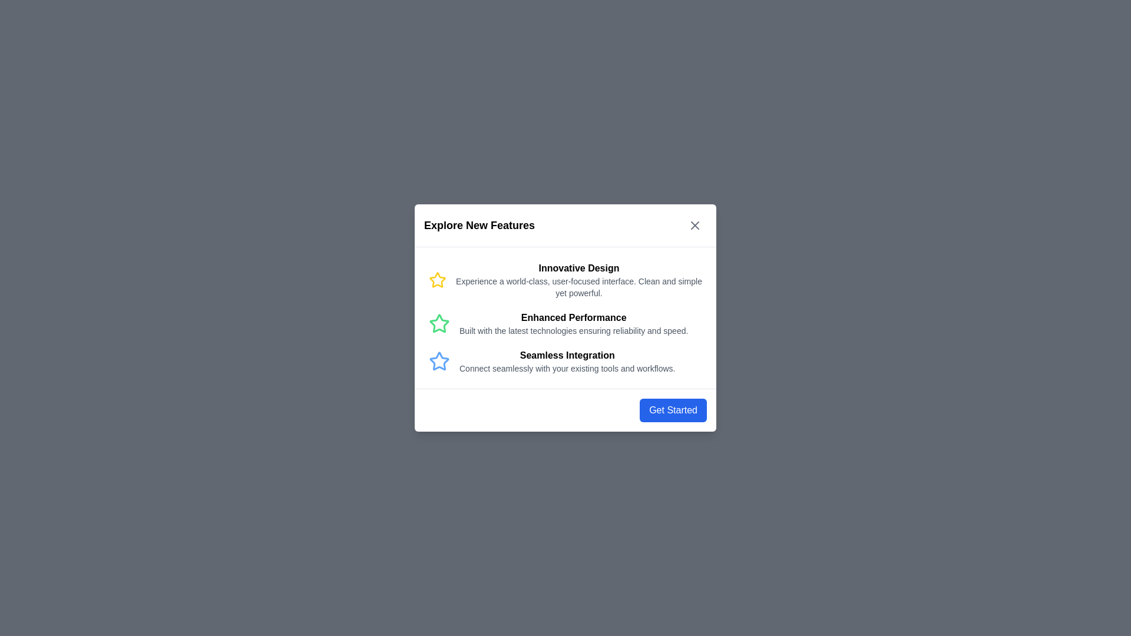 This screenshot has height=636, width=1131. Describe the element at coordinates (565, 360) in the screenshot. I see `the Informational section titled 'Seamless Integration', which includes a blue star icon and descriptive text` at that location.